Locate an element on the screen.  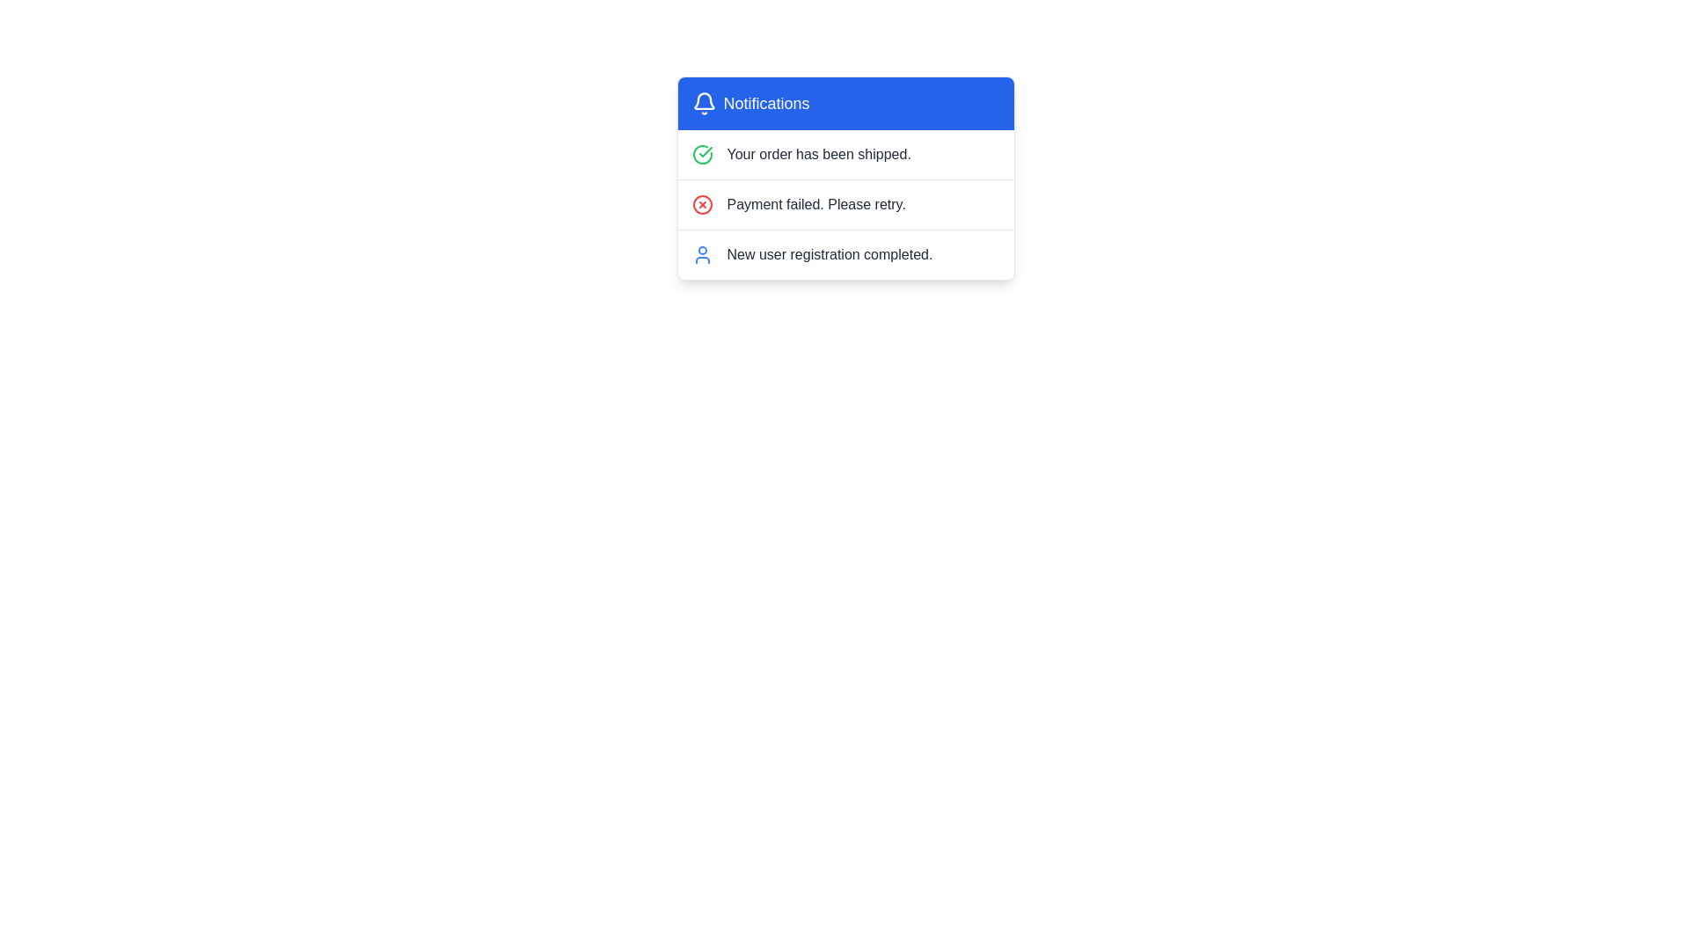
the user profile icon, which has a blue outline and is part of the notification item indicating 'New user registration completed.' is located at coordinates (701, 254).